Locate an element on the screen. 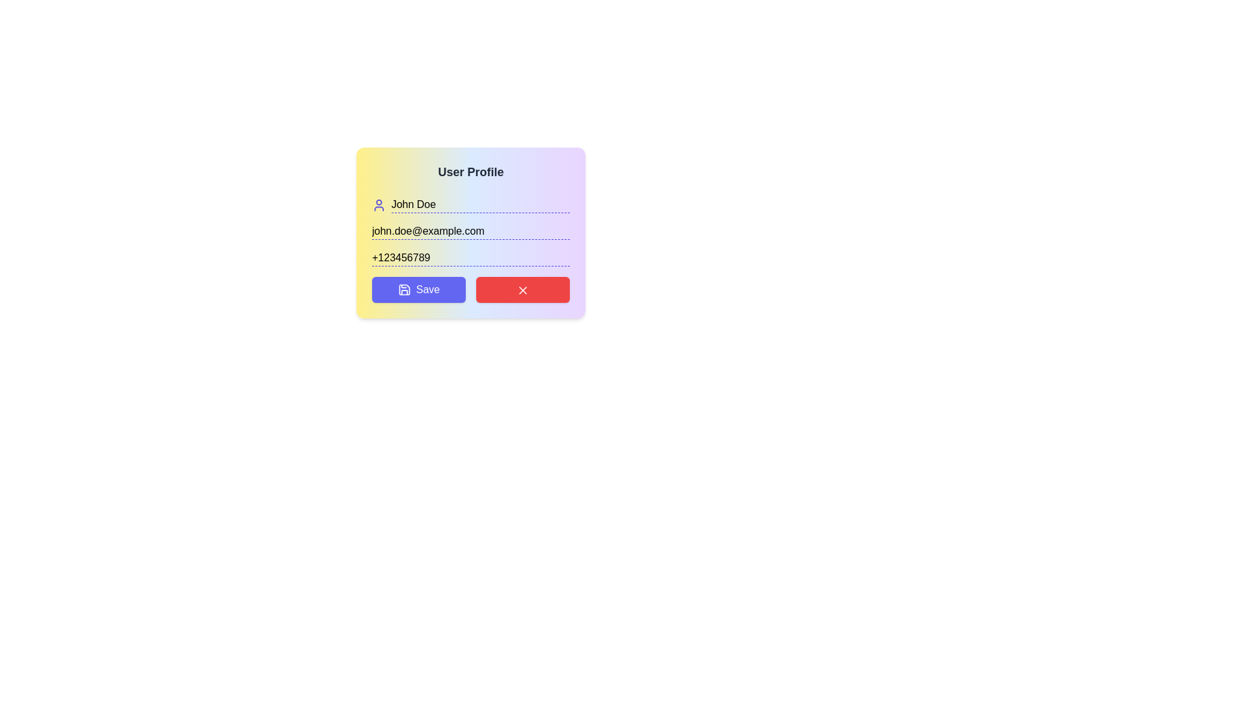 This screenshot has width=1249, height=702. the save icon located at the bottom of the user profile form card, which is the first component in the button group is located at coordinates (403, 289).